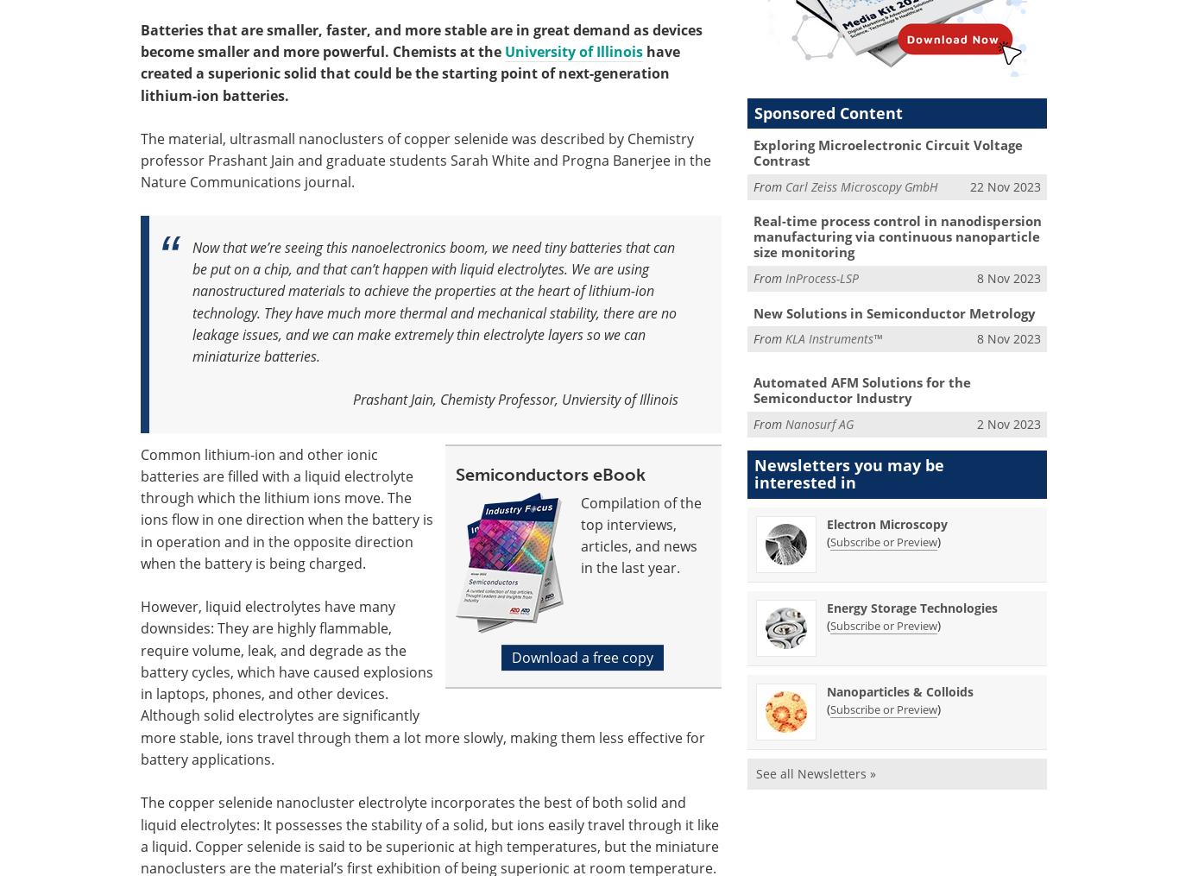 The height and width of the screenshot is (876, 1179). I want to click on 'University of Illinois', so click(572, 50).